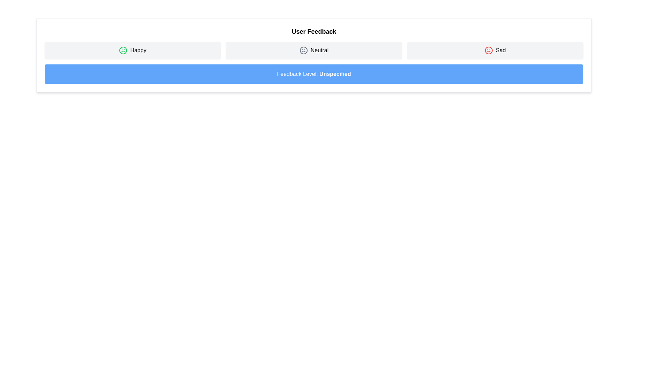  Describe the element at coordinates (500, 50) in the screenshot. I see `the 'Sad' text label that is part of the feedback selection interface, located to the right of the sad face icon` at that location.